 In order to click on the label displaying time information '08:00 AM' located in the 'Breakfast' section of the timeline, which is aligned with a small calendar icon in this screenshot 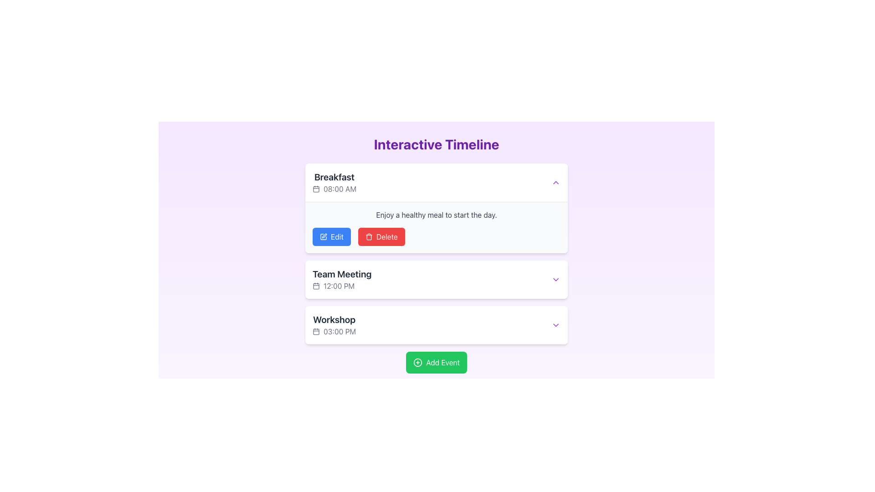, I will do `click(334, 189)`.